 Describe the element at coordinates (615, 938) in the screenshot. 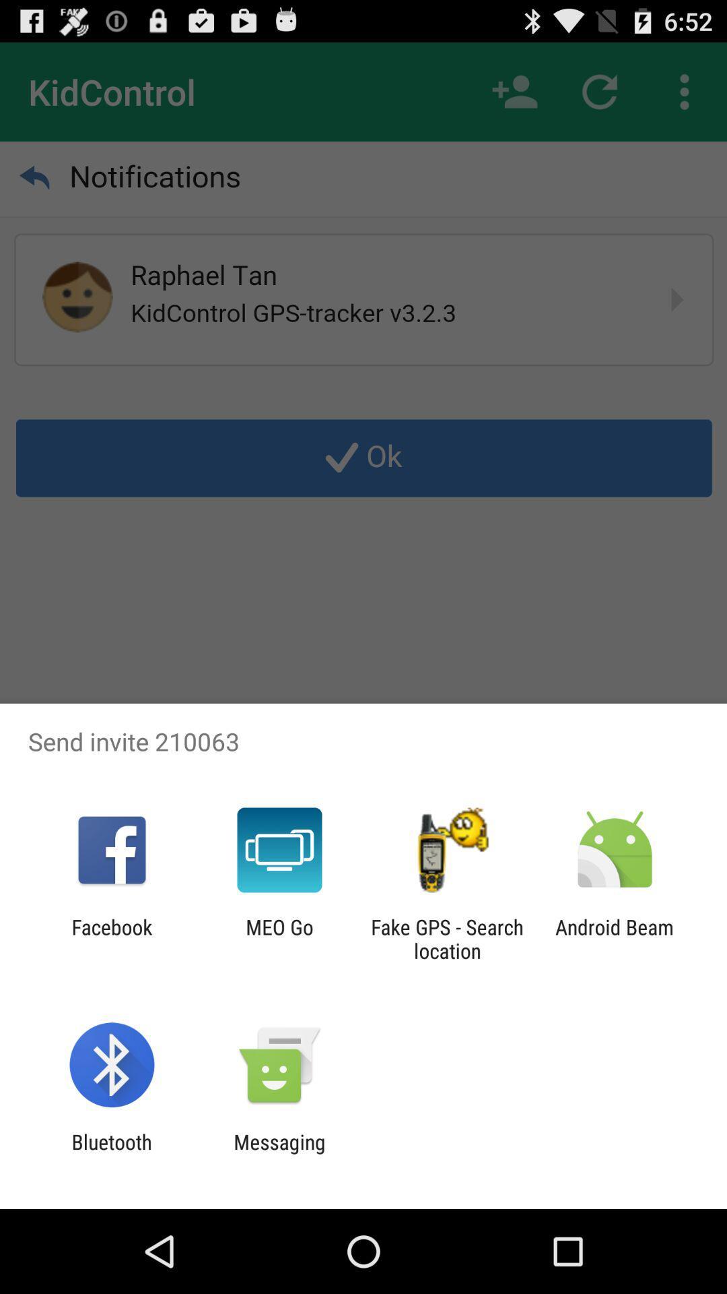

I see `the app next to fake gps search icon` at that location.